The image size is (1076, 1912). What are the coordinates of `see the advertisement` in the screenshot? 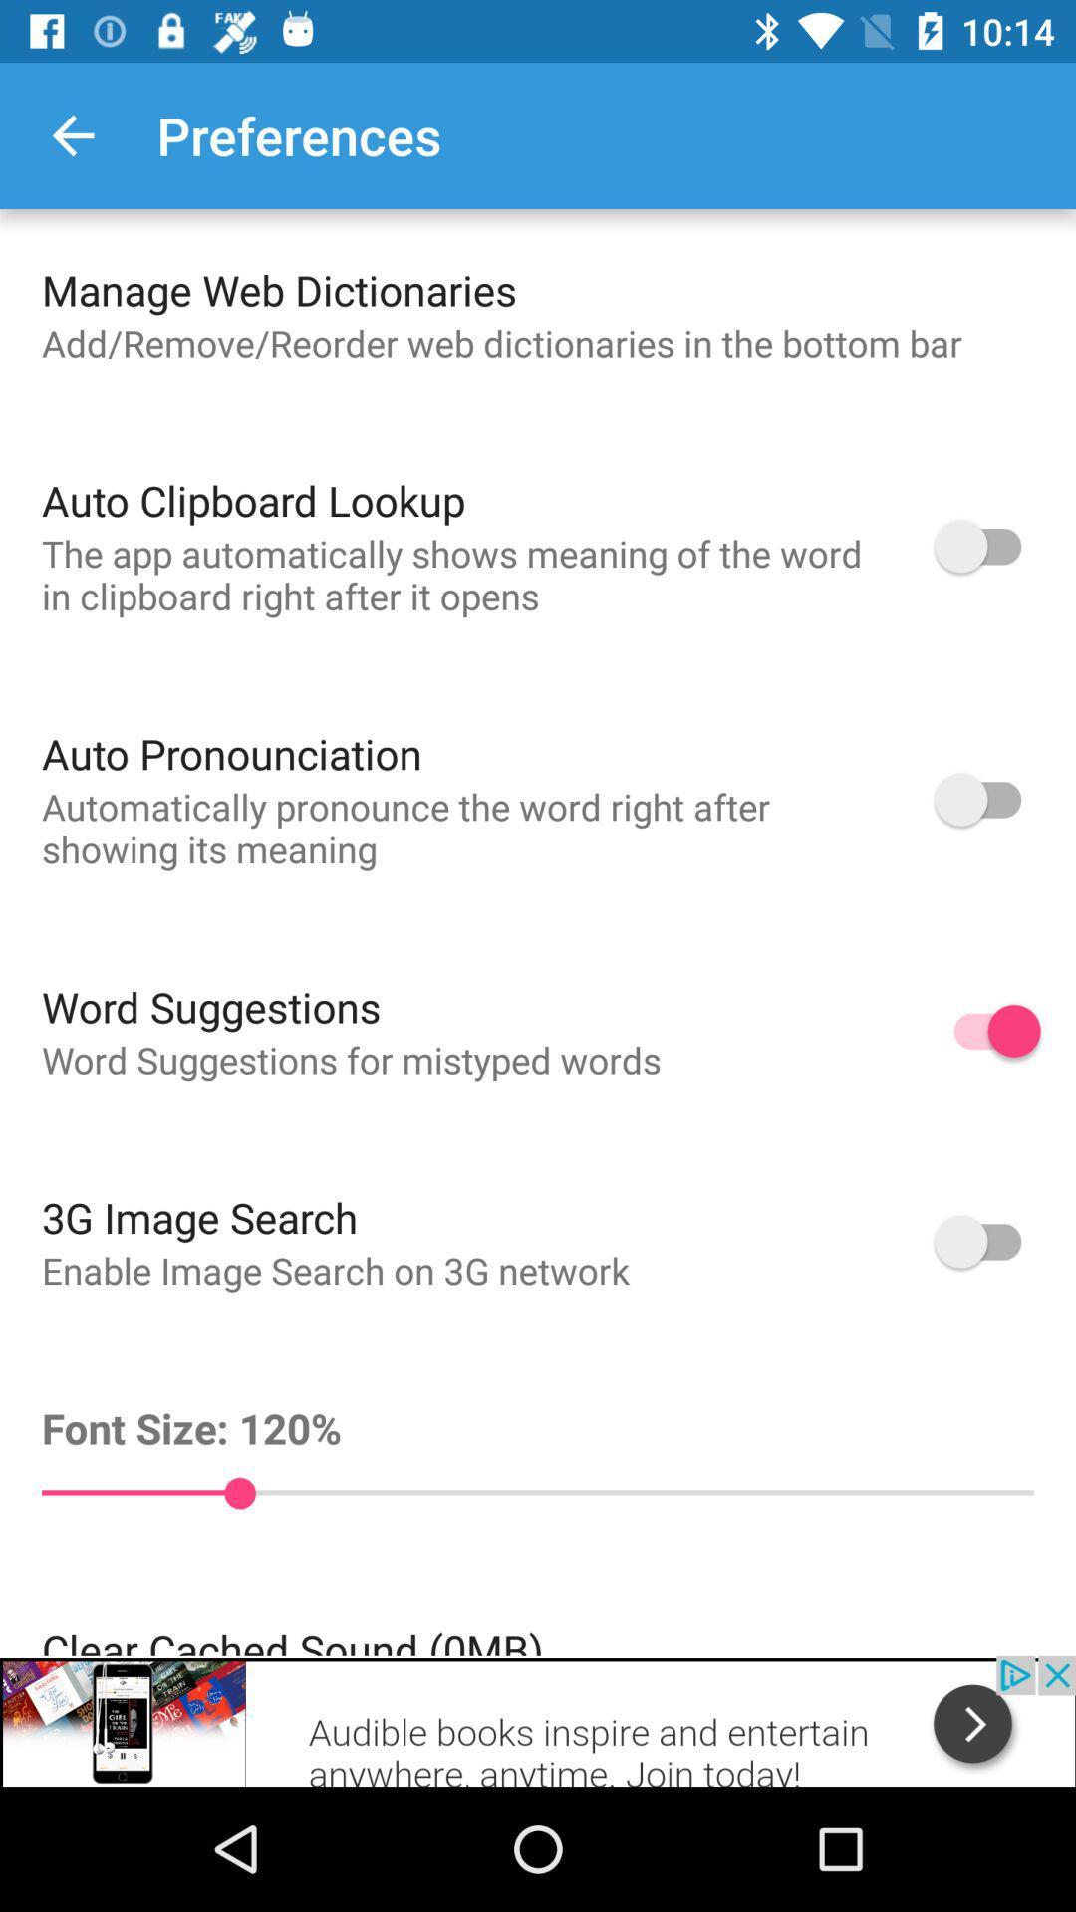 It's located at (538, 1720).